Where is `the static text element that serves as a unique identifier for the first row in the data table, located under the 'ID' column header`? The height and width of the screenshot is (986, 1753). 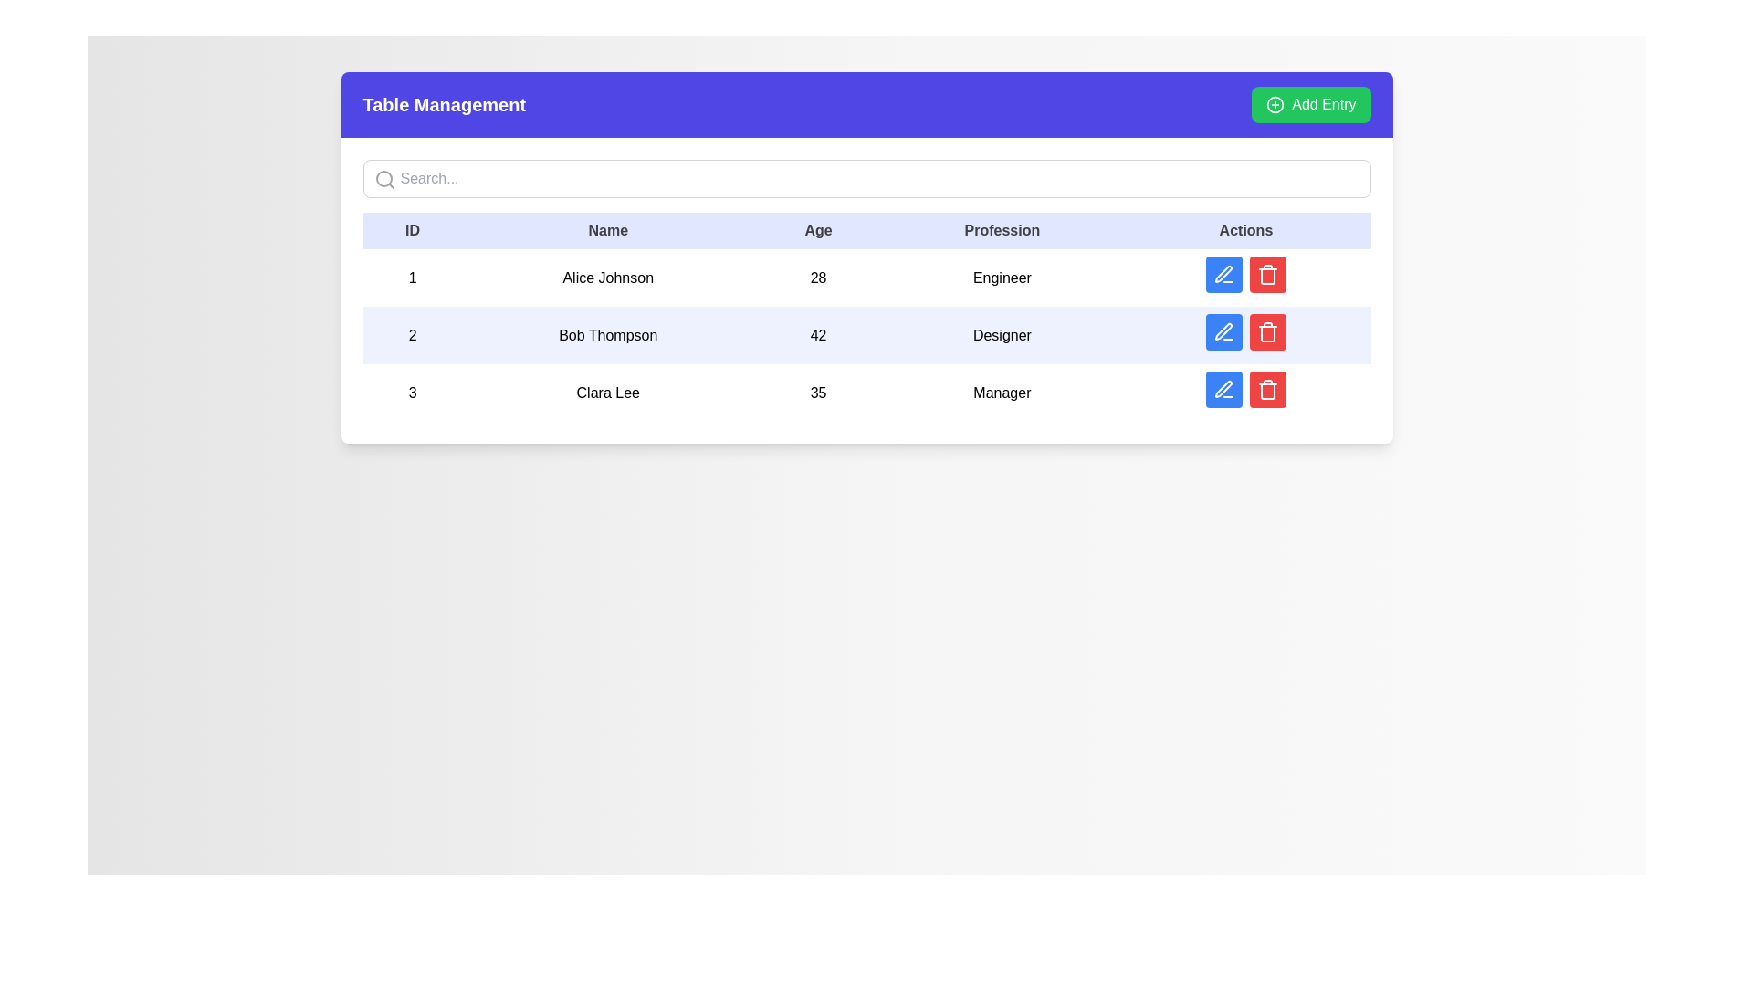 the static text element that serves as a unique identifier for the first row in the data table, located under the 'ID' column header is located at coordinates (412, 278).